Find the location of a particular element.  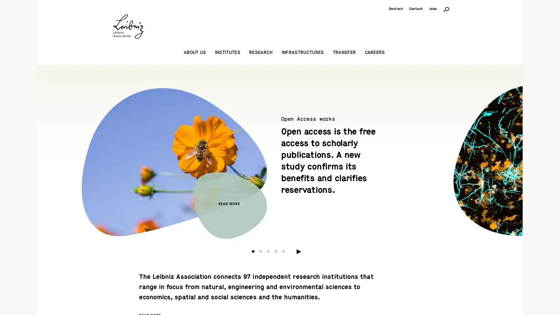

Previous is located at coordinates (83, 155).